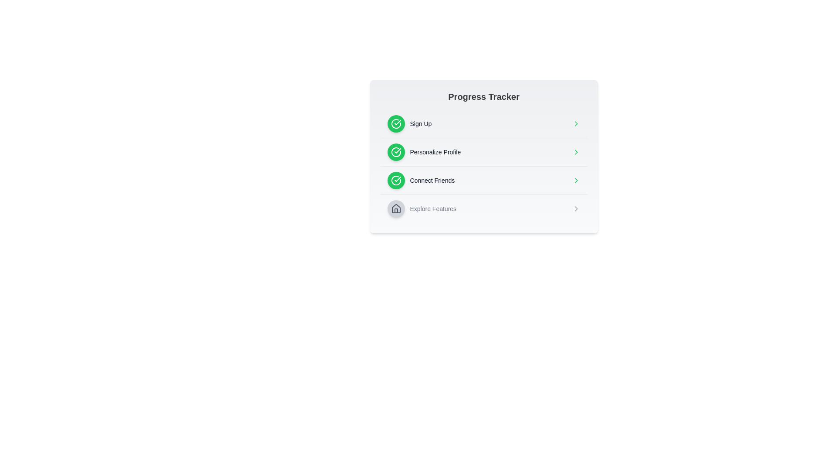 The image size is (837, 471). What do you see at coordinates (576, 208) in the screenshot?
I see `the right-pointing gray arrow icon, which is the fourth item in the list of progress indicators located below the 'Connect Friends' item` at bounding box center [576, 208].